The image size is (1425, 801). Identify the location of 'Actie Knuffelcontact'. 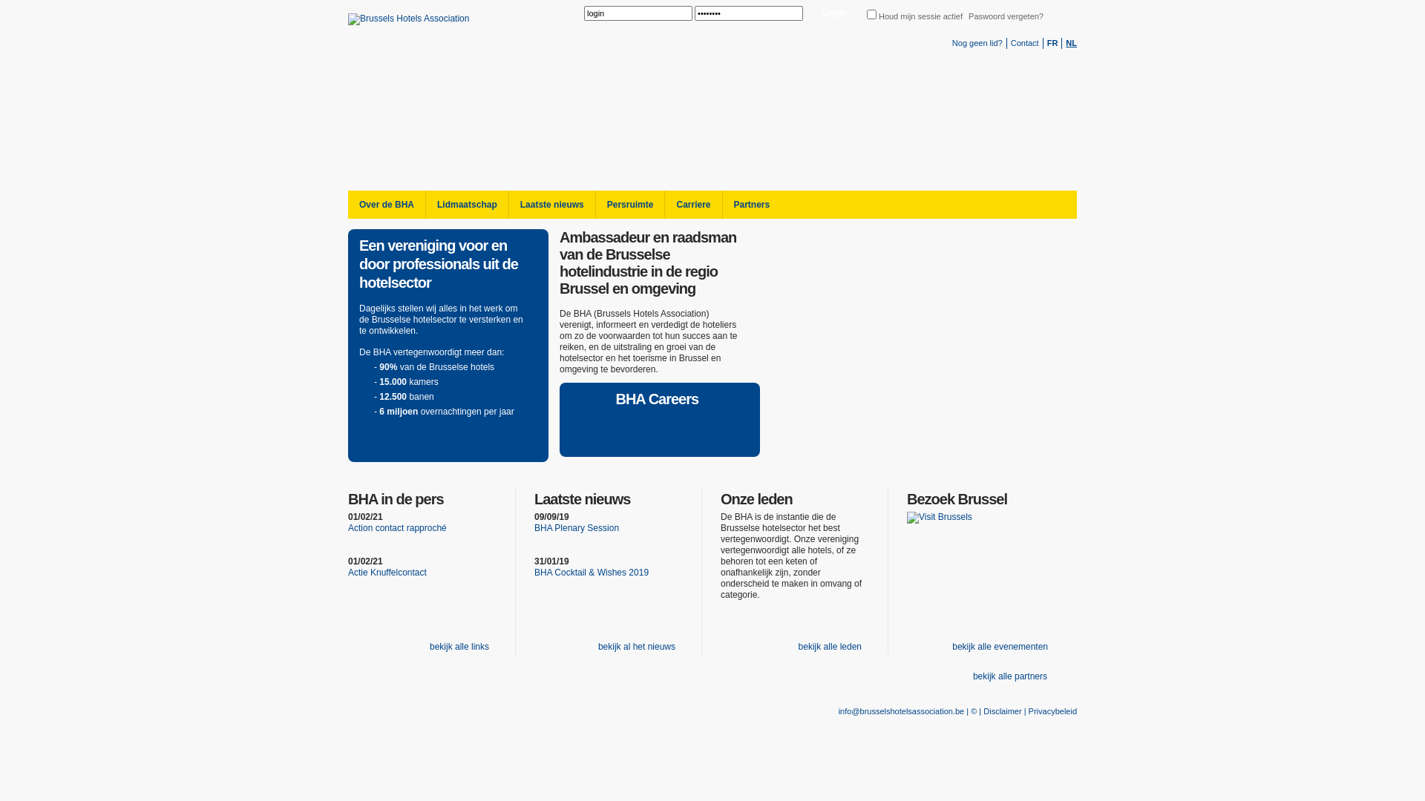
(387, 571).